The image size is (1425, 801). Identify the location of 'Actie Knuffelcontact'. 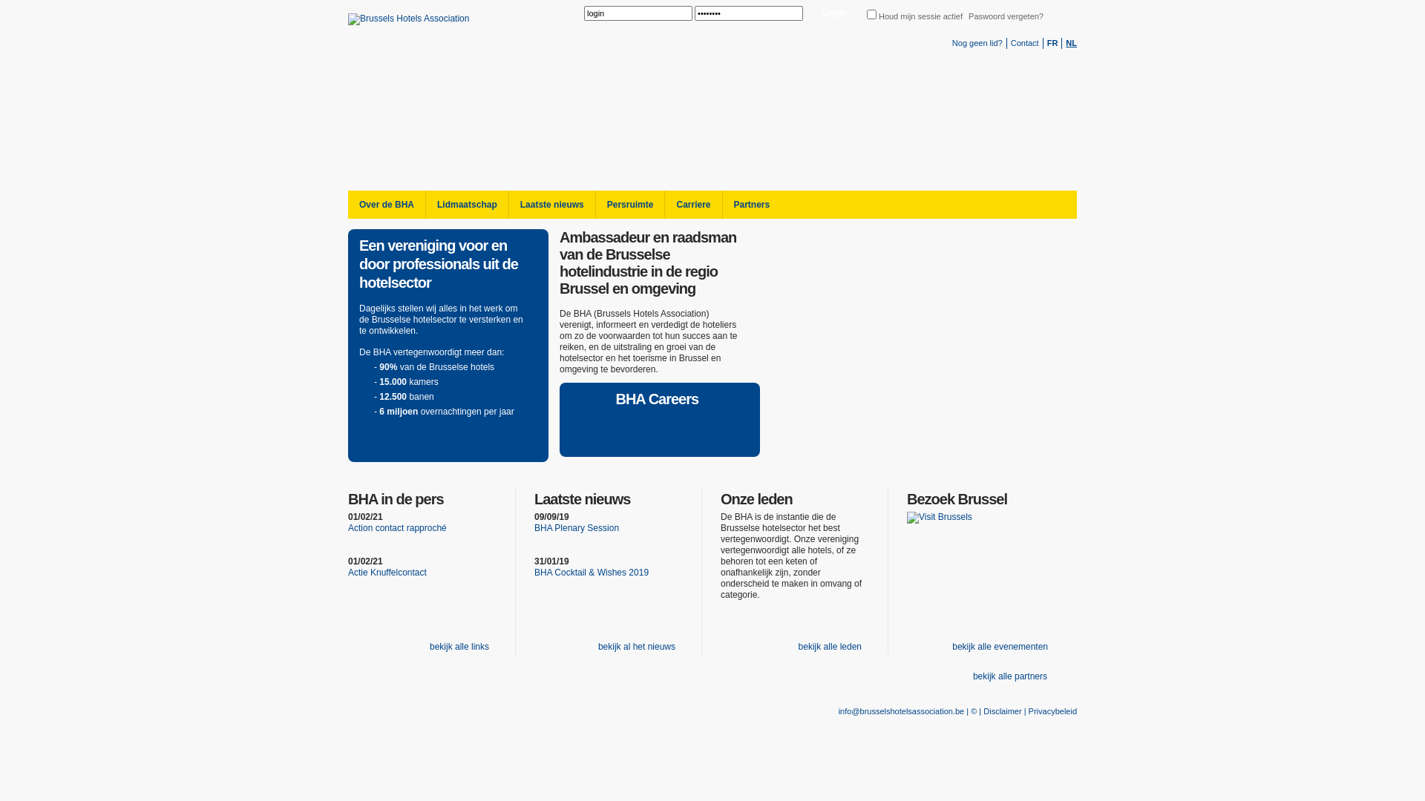
(387, 571).